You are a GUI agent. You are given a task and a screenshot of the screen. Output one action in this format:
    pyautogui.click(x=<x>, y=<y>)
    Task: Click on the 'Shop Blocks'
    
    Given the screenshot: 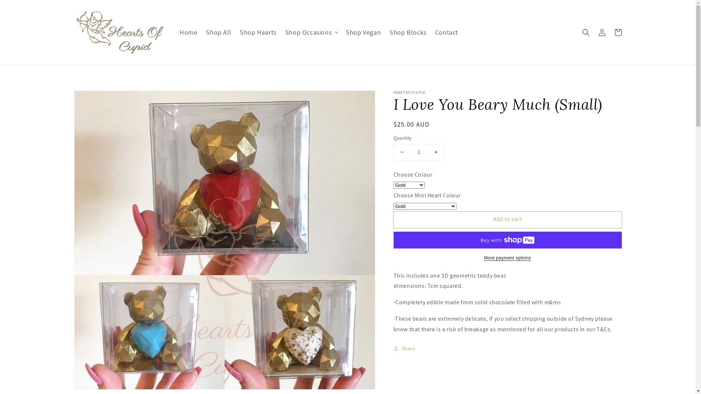 What is the action you would take?
    pyautogui.click(x=385, y=32)
    